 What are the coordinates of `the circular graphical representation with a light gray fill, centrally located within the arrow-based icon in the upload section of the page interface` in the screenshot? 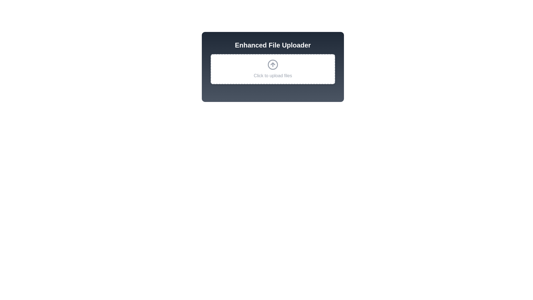 It's located at (273, 64).